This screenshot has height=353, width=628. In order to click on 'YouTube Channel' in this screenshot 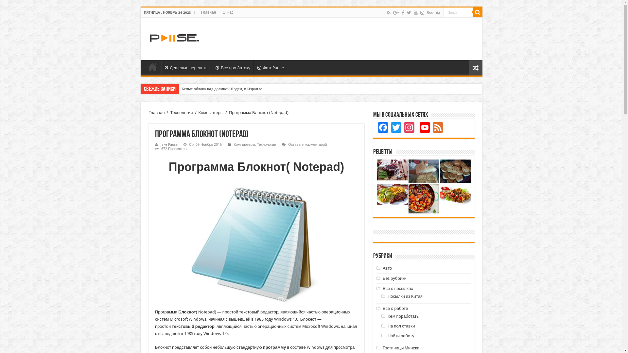, I will do `click(425, 128)`.